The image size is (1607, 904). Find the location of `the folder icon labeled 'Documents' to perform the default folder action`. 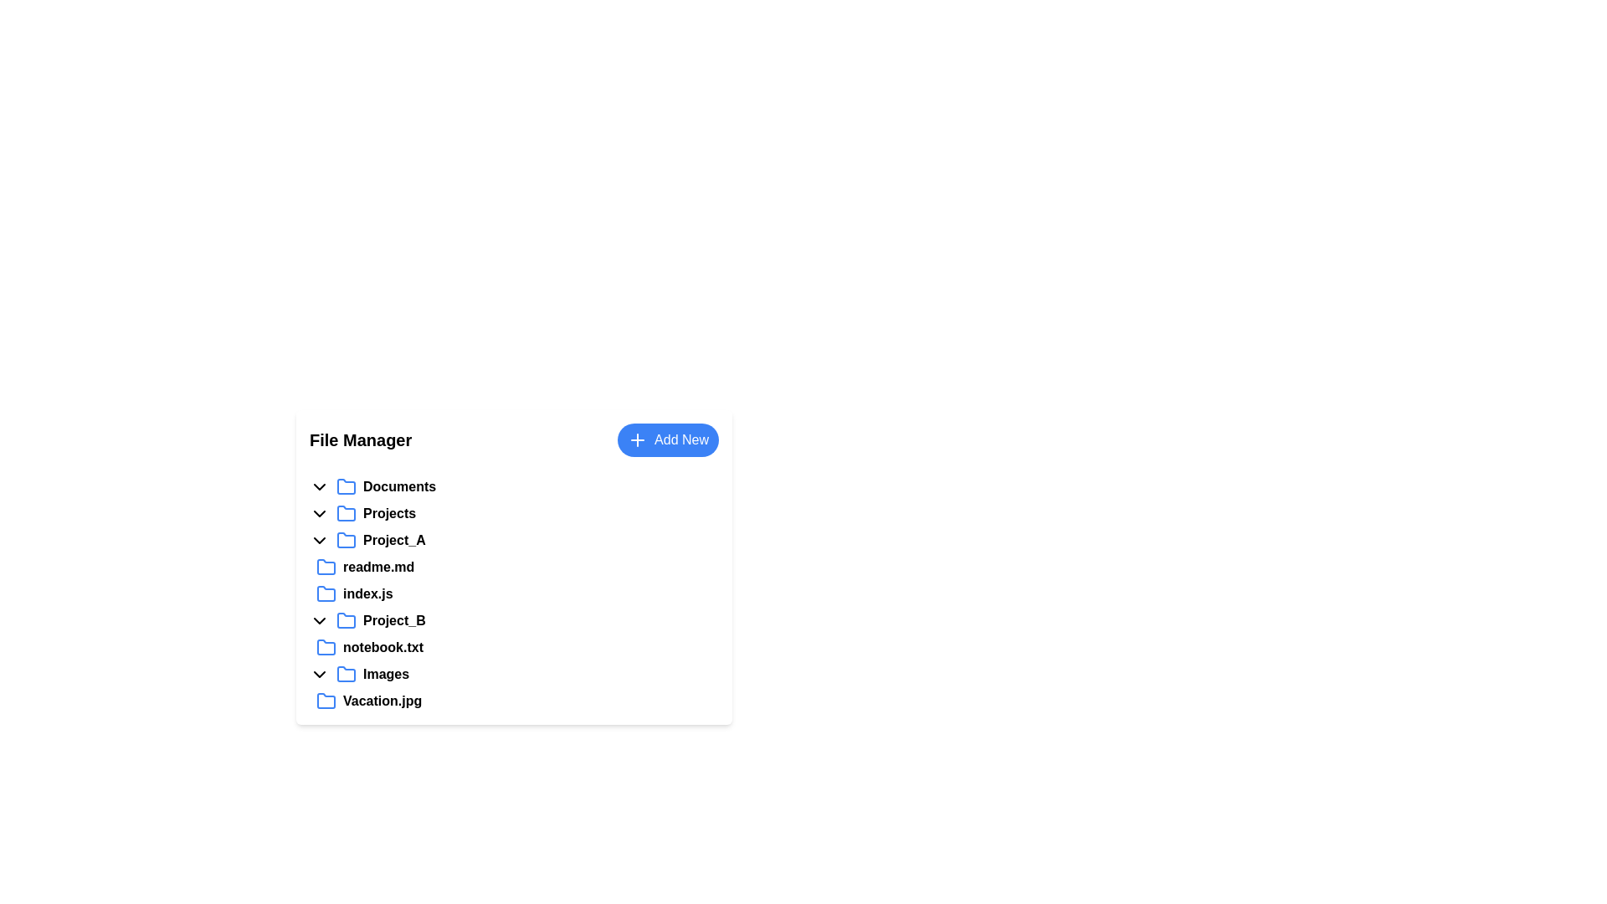

the folder icon labeled 'Documents' to perform the default folder action is located at coordinates (345, 487).